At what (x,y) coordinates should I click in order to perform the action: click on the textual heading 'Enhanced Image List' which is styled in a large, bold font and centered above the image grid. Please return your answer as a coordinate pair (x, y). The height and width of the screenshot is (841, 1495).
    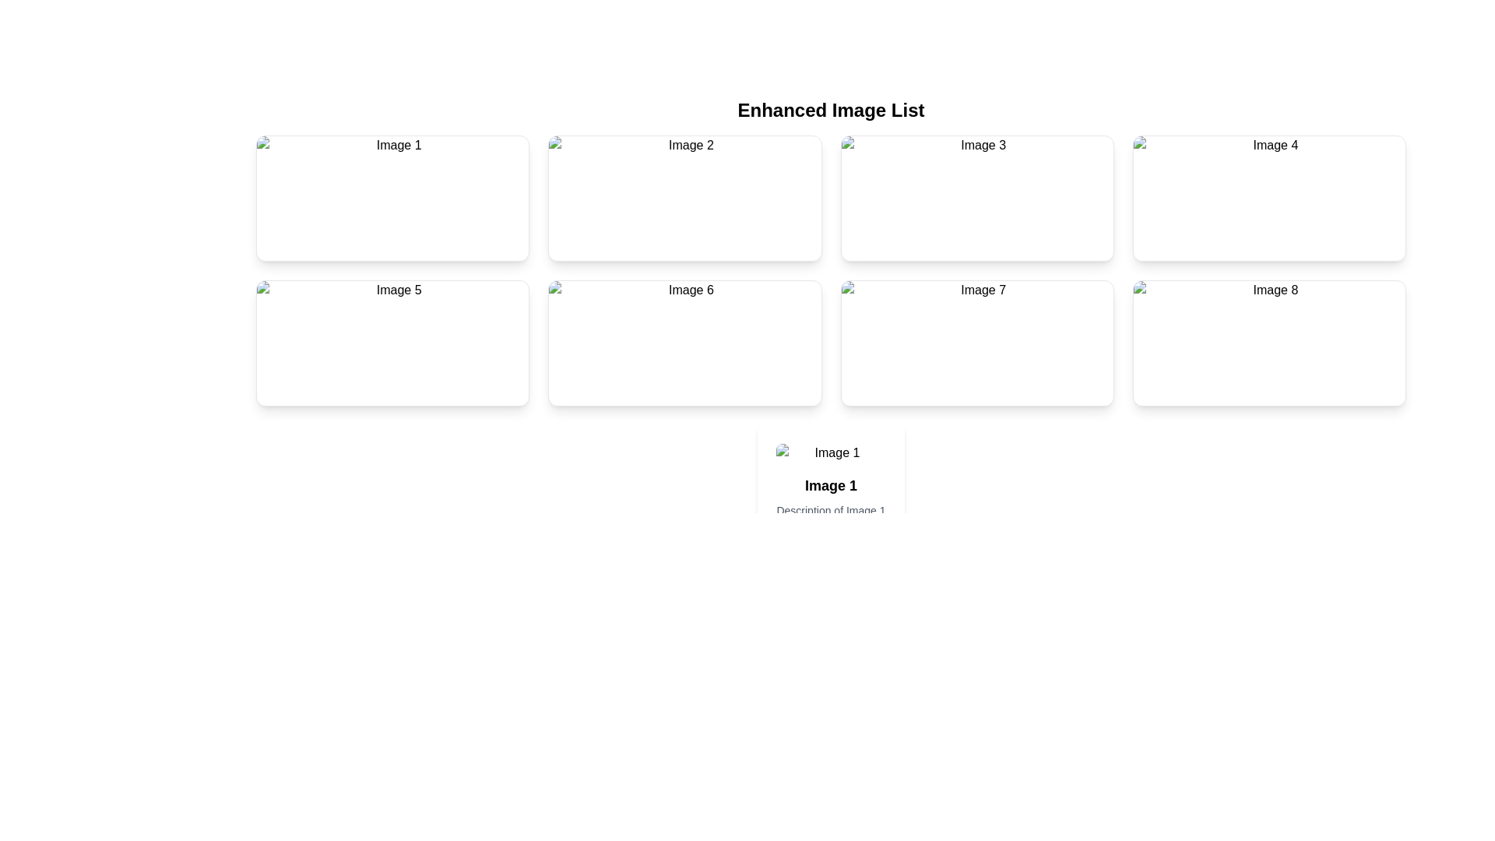
    Looking at the image, I should click on (830, 110).